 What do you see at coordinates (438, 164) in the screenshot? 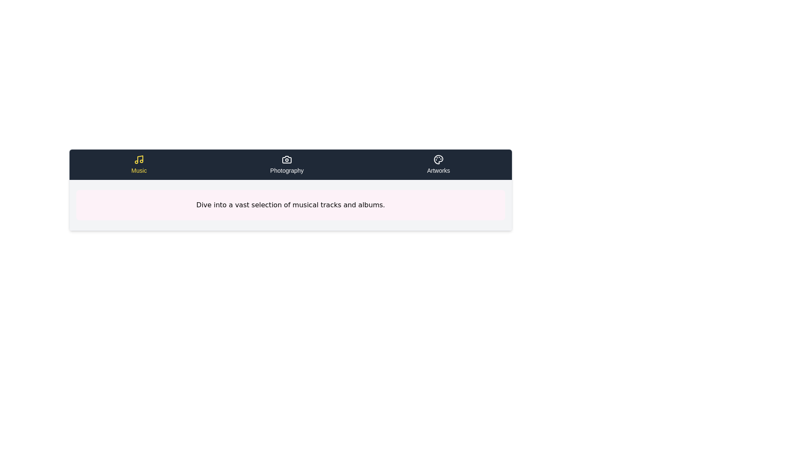
I see `the tab icon corresponding to Artworks` at bounding box center [438, 164].